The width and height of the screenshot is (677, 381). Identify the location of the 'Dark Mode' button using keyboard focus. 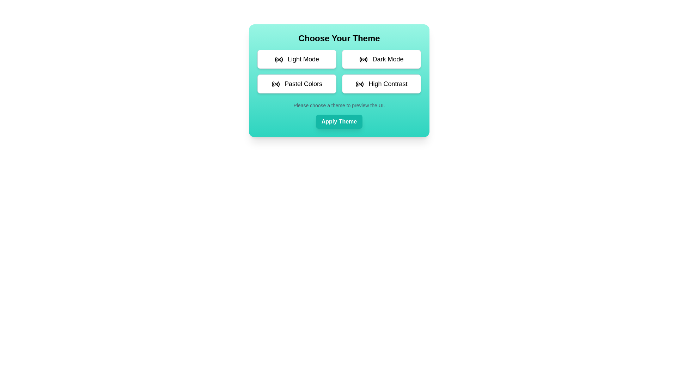
(381, 59).